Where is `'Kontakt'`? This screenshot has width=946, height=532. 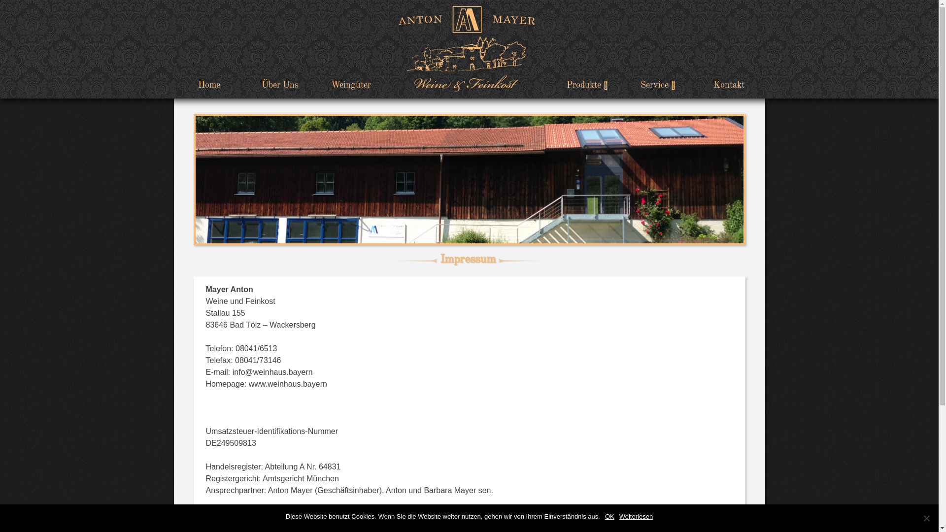 'Kontakt' is located at coordinates (693, 85).